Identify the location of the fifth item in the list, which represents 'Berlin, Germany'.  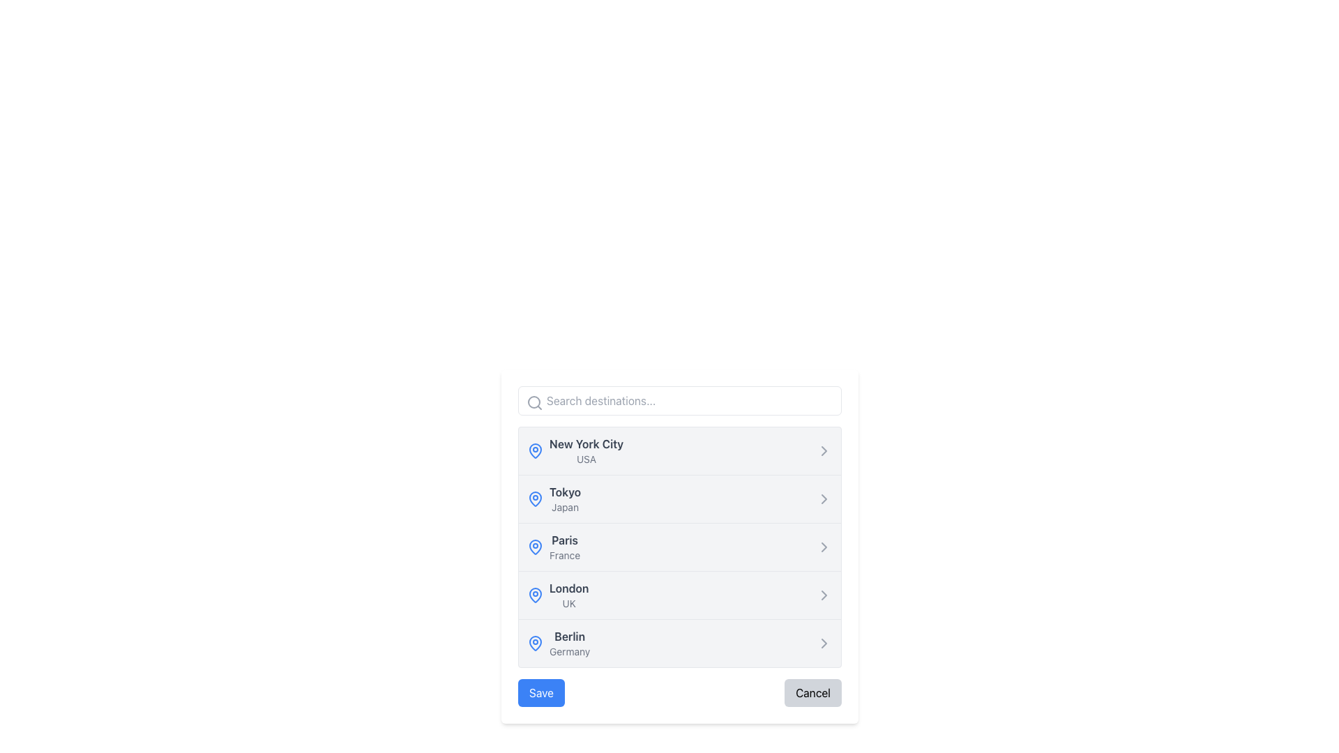
(570, 643).